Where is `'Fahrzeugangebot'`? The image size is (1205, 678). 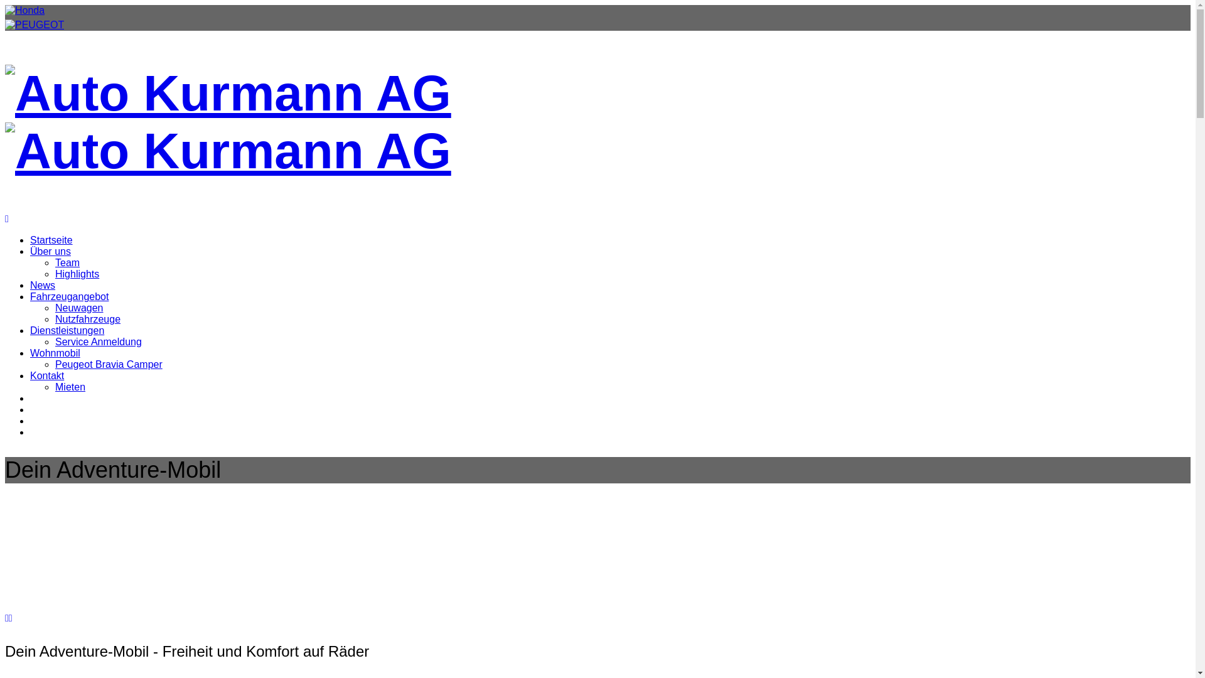
'Fahrzeugangebot' is located at coordinates (68, 296).